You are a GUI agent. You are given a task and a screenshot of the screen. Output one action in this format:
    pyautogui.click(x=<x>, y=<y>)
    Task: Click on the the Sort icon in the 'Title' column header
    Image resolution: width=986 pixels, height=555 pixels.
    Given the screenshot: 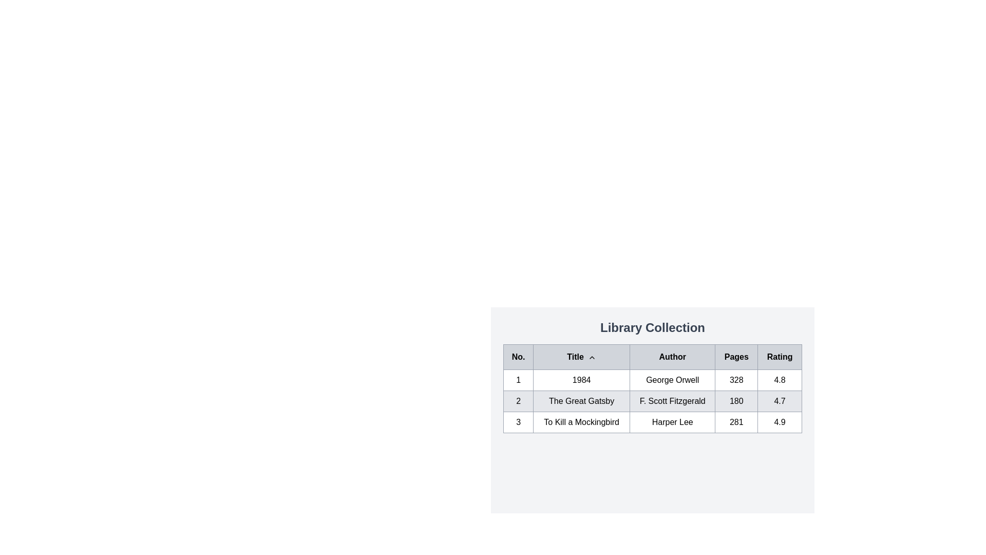 What is the action you would take?
    pyautogui.click(x=592, y=356)
    